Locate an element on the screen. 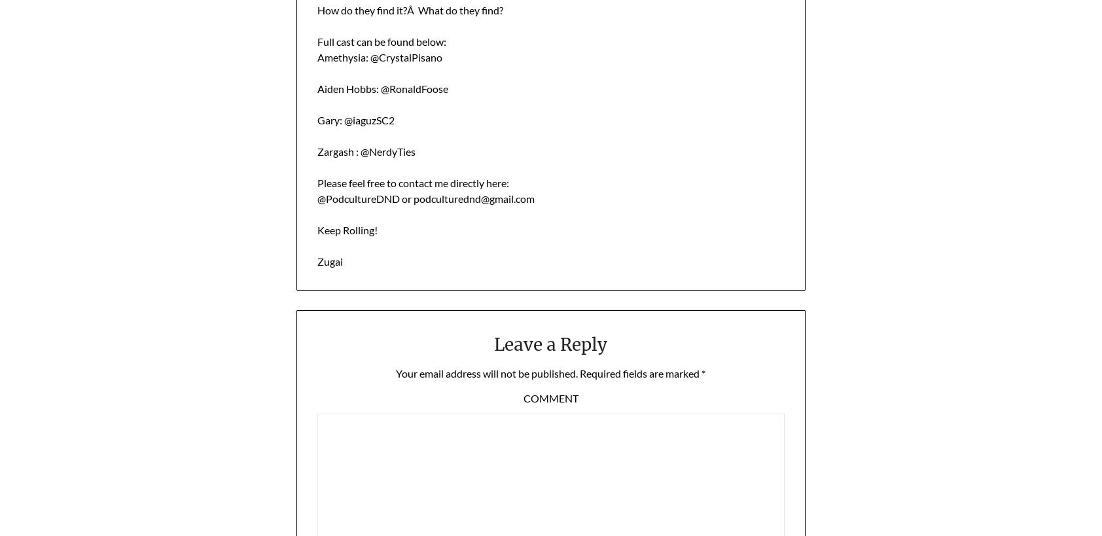  'Zugai' is located at coordinates (329, 260).